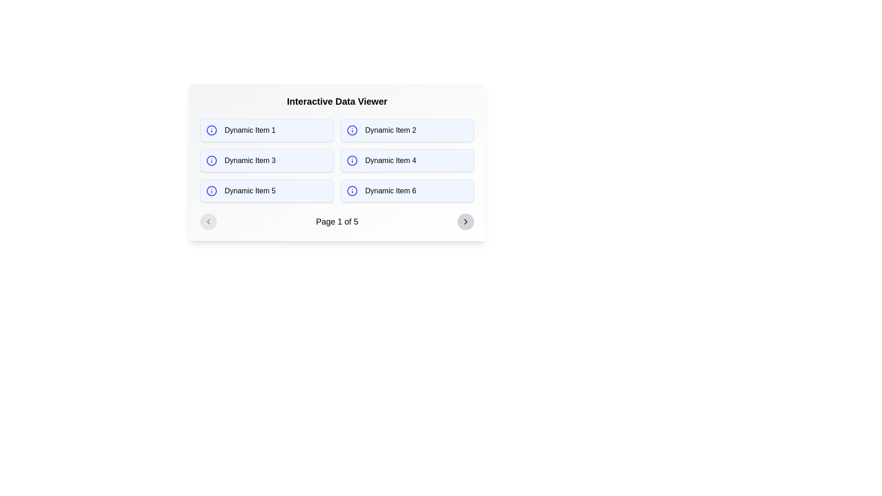 The height and width of the screenshot is (496, 882). What do you see at coordinates (337, 221) in the screenshot?
I see `the page indicator label located in the central section of the footer bar, which displays the current page number and total pages available` at bounding box center [337, 221].